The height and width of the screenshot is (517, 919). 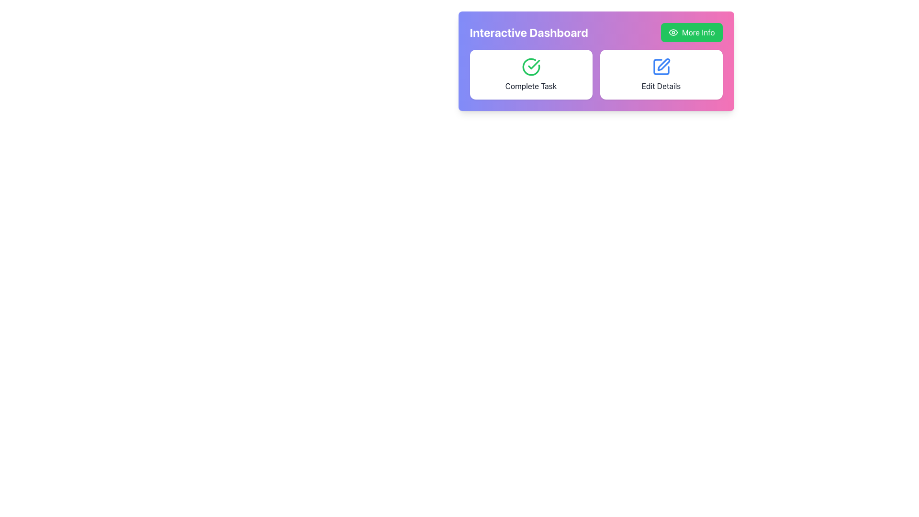 What do you see at coordinates (672, 32) in the screenshot?
I see `the eye icon located inside the 'More Info' button in the top-right corner of the interface` at bounding box center [672, 32].